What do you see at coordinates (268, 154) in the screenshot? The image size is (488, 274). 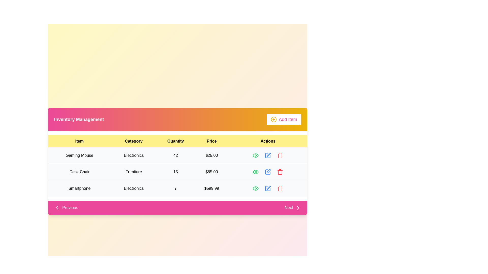 I see `the stylized pen icon in the Actions column of the second row corresponding to the Desk Chair item` at bounding box center [268, 154].